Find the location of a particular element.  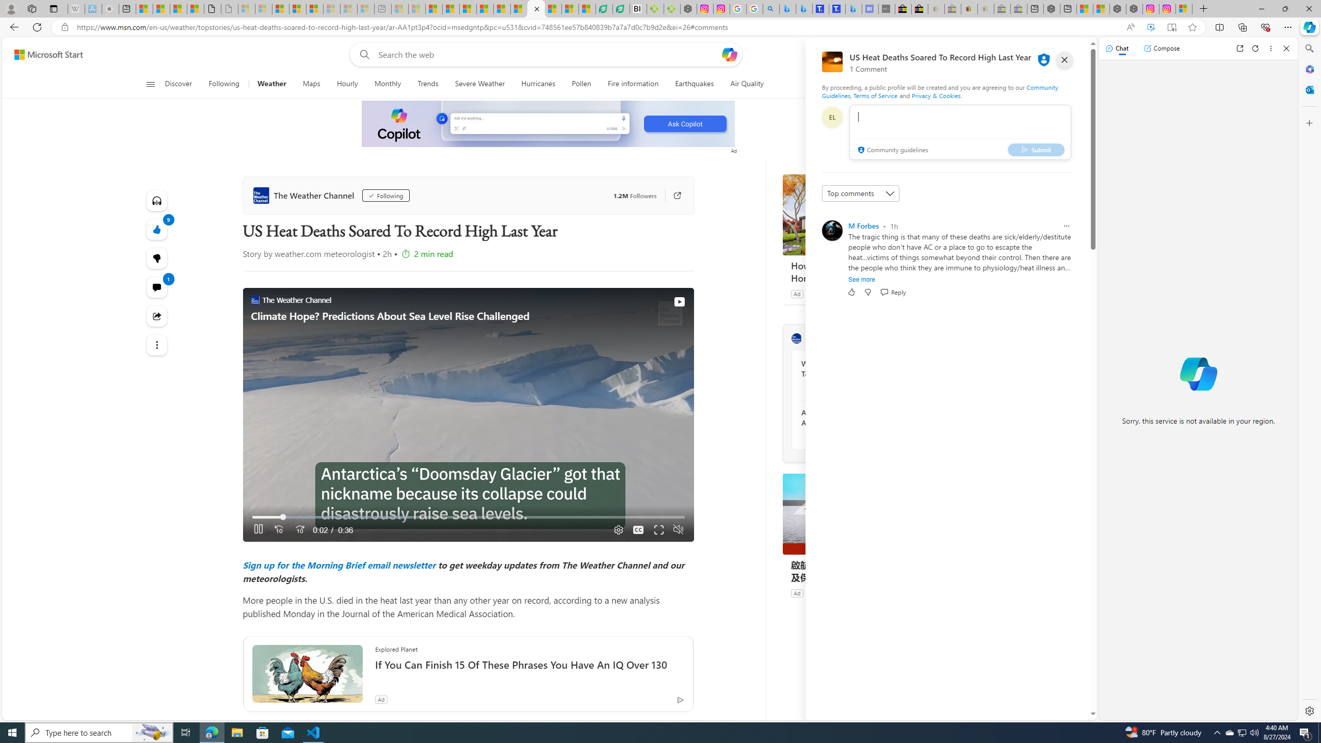

'Sort comments by' is located at coordinates (860, 193).